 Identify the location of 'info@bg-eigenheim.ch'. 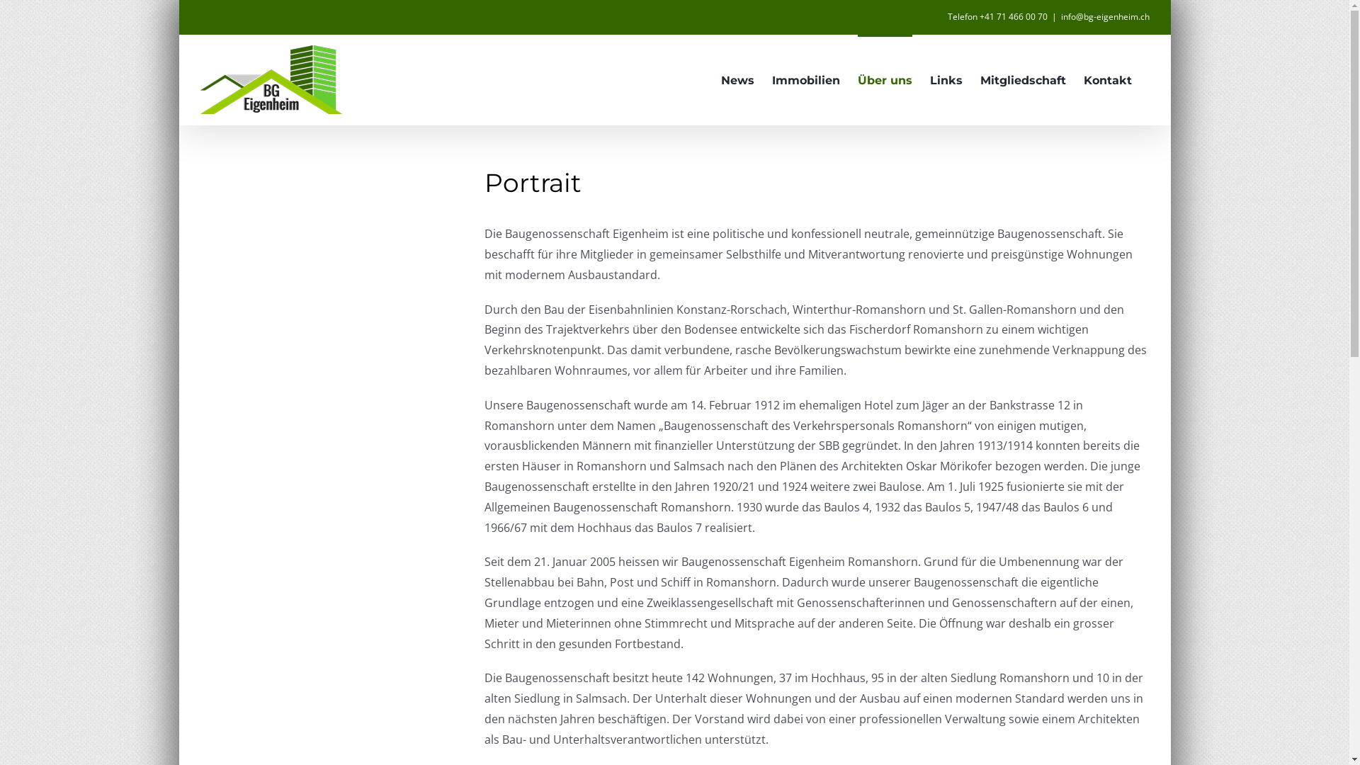
(1104, 16).